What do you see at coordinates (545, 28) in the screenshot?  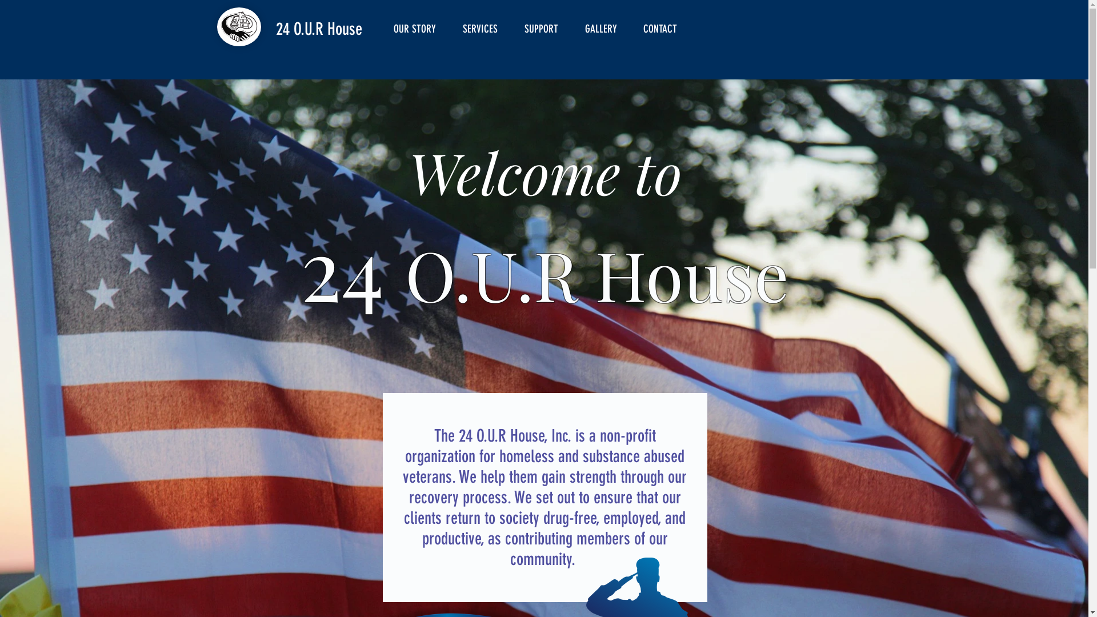 I see `'SUPPORT'` at bounding box center [545, 28].